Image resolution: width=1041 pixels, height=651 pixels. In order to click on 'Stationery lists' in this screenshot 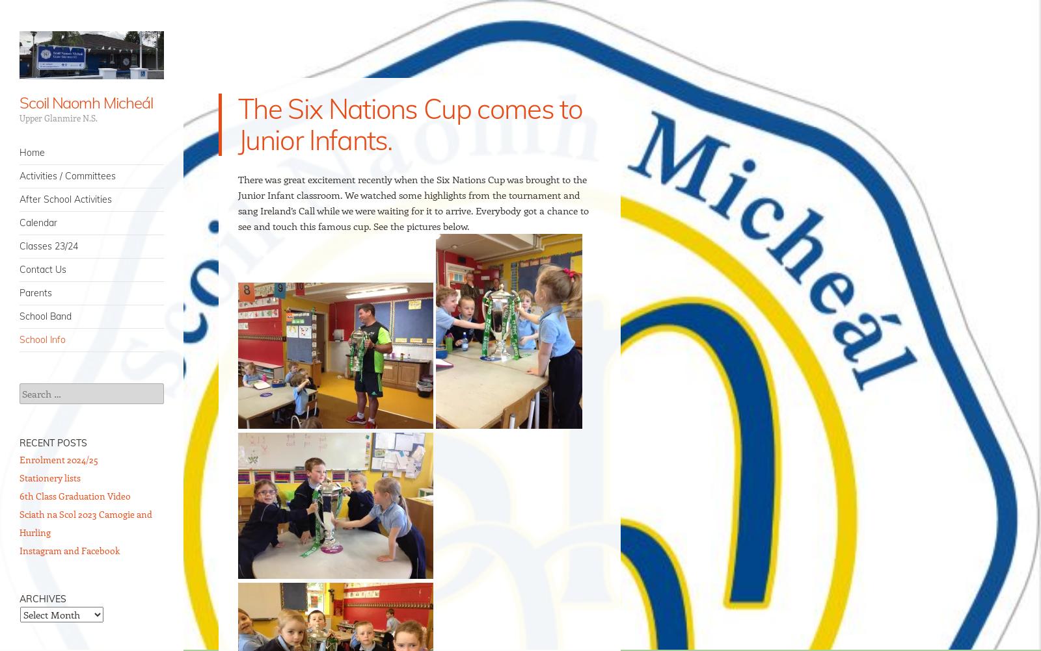, I will do `click(49, 478)`.